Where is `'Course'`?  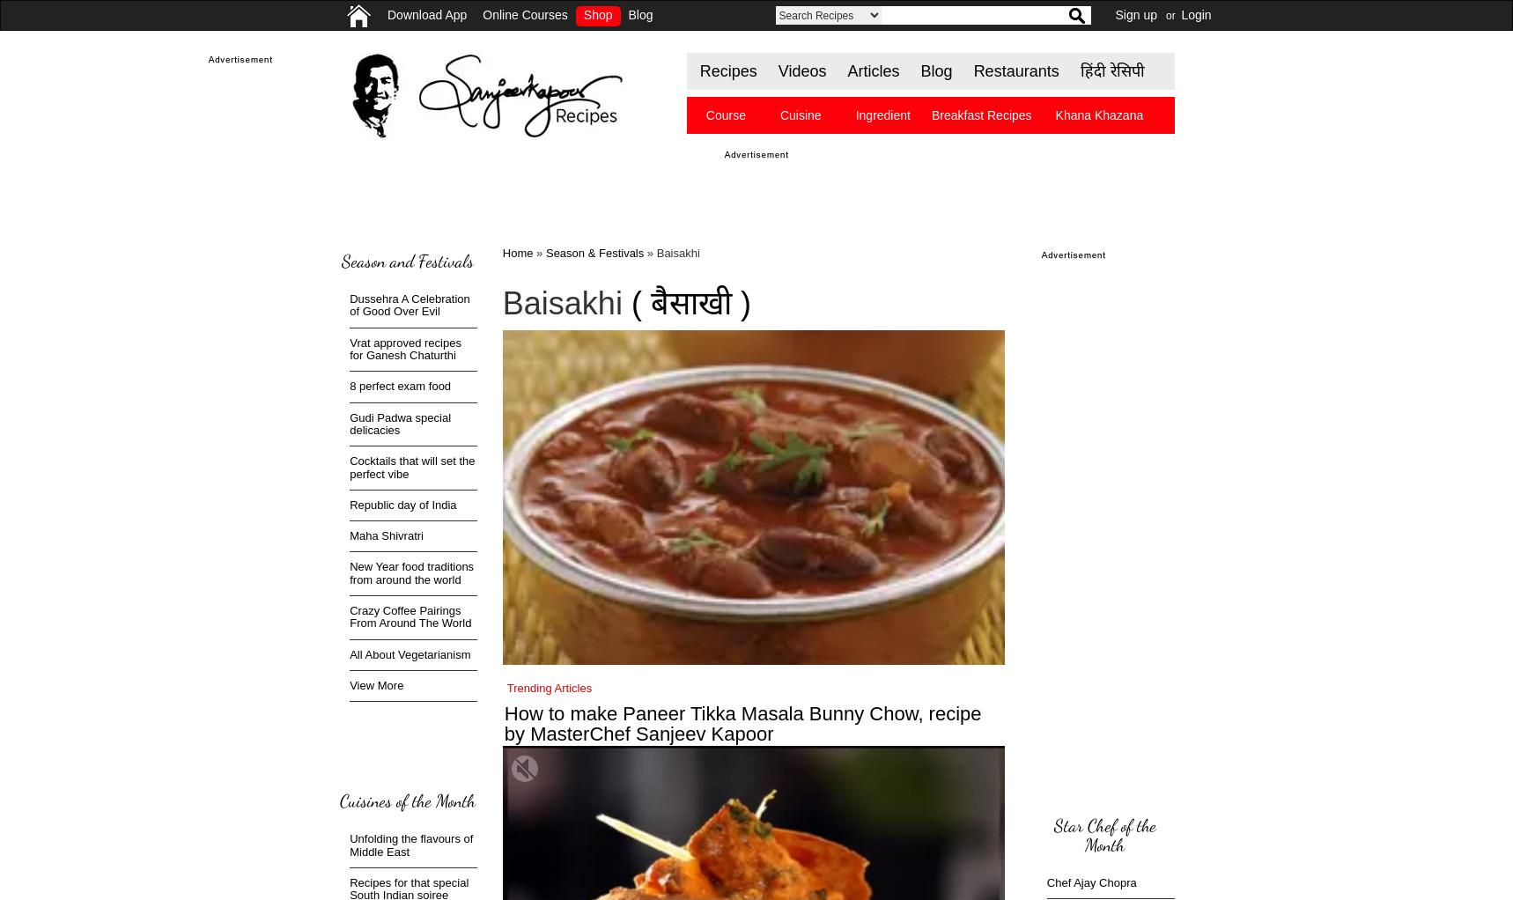 'Course' is located at coordinates (725, 115).